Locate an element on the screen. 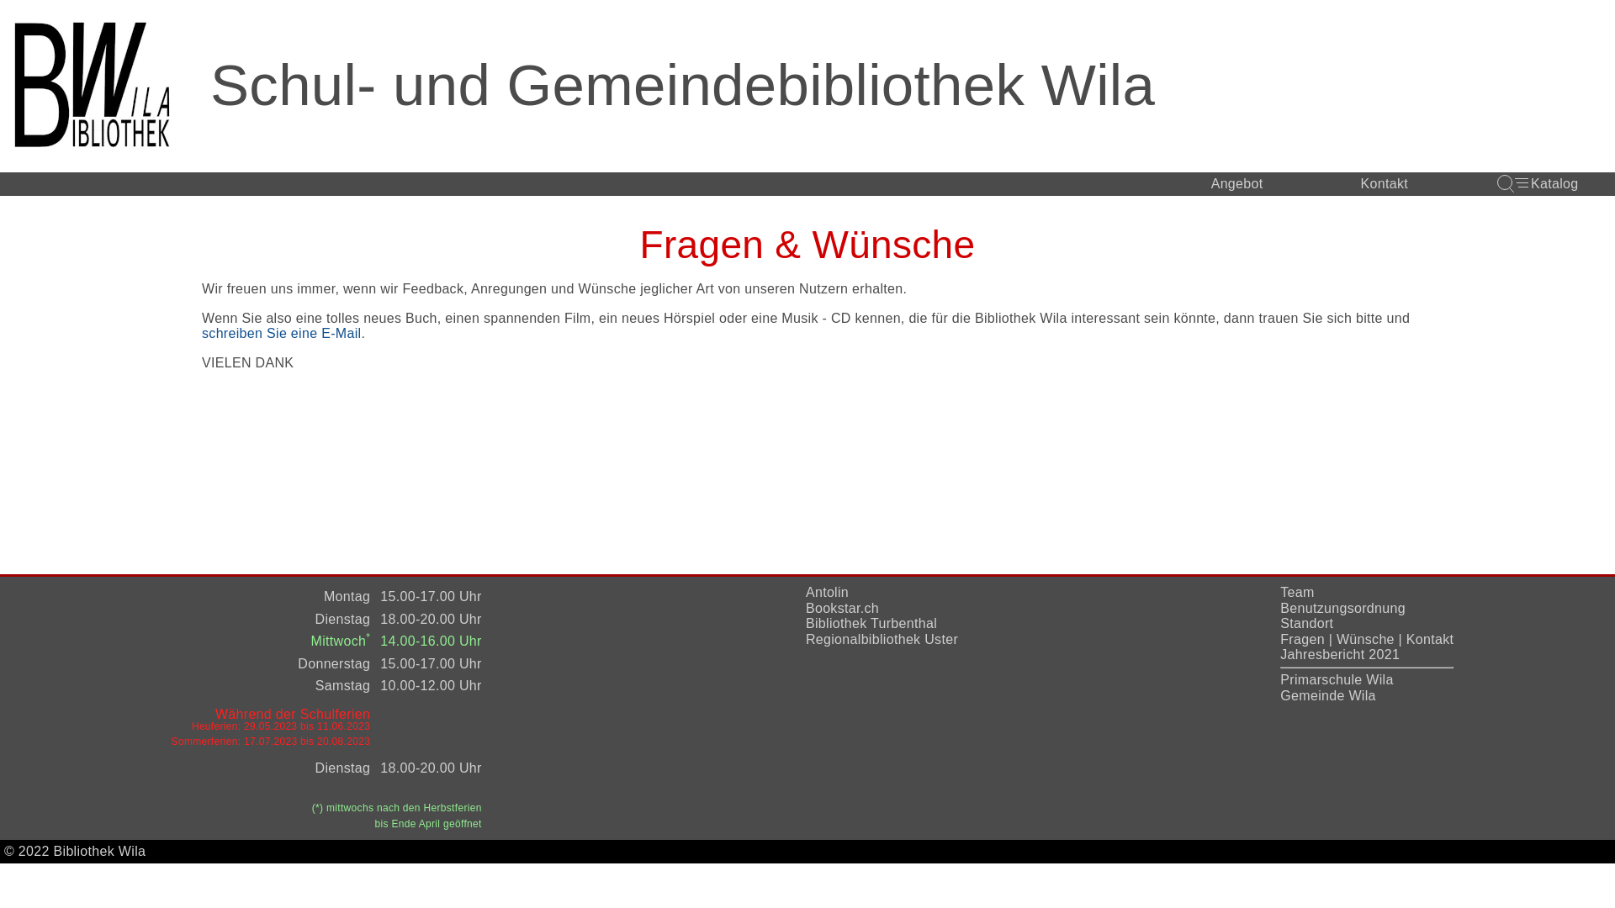  'Kontakt' is located at coordinates (1385, 184).